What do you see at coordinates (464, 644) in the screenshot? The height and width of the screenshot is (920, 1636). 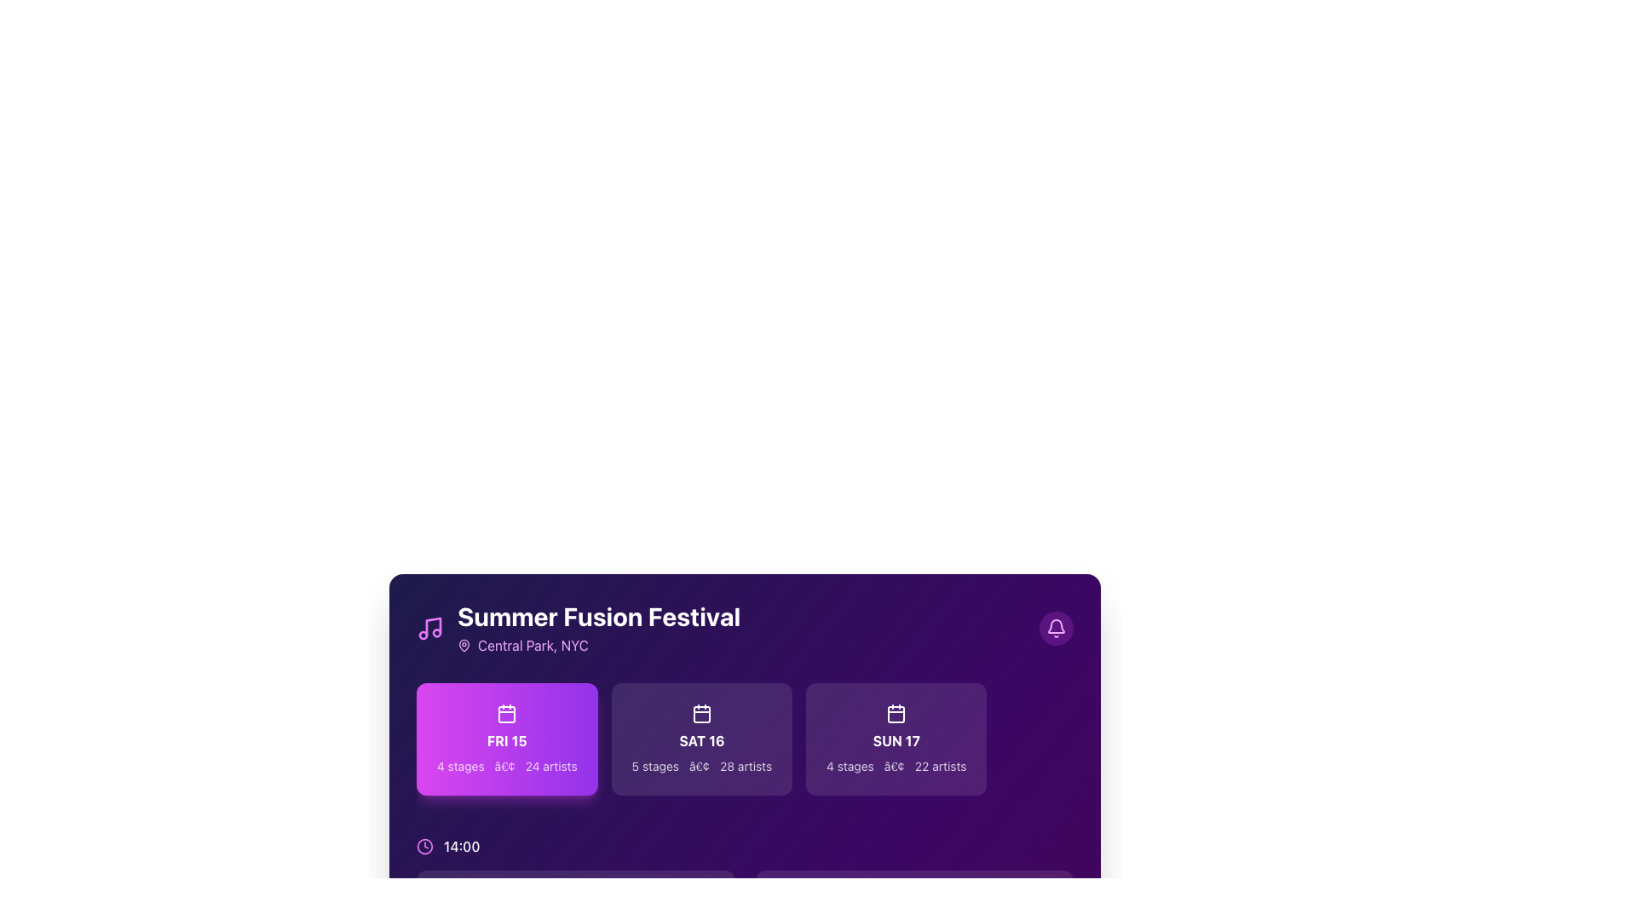 I see `the visual marker icon located to the left of the text 'Central Park, NYC,' under the title 'Summer Fusion Festival.'` at bounding box center [464, 644].